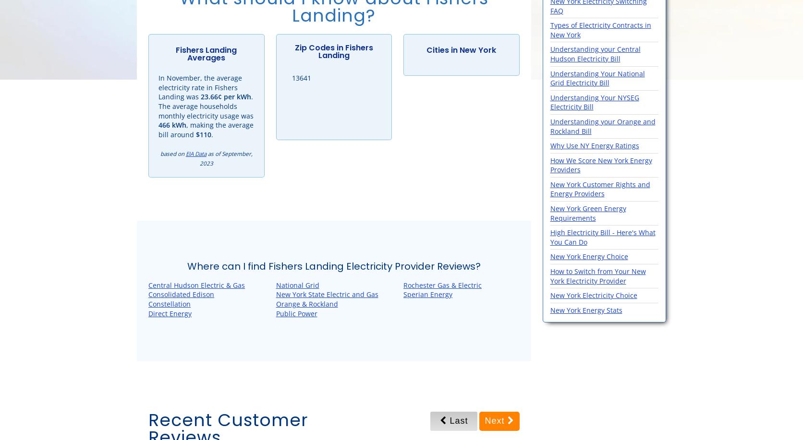  Describe the element at coordinates (327, 294) in the screenshot. I see `'New York State Electric and Gas'` at that location.